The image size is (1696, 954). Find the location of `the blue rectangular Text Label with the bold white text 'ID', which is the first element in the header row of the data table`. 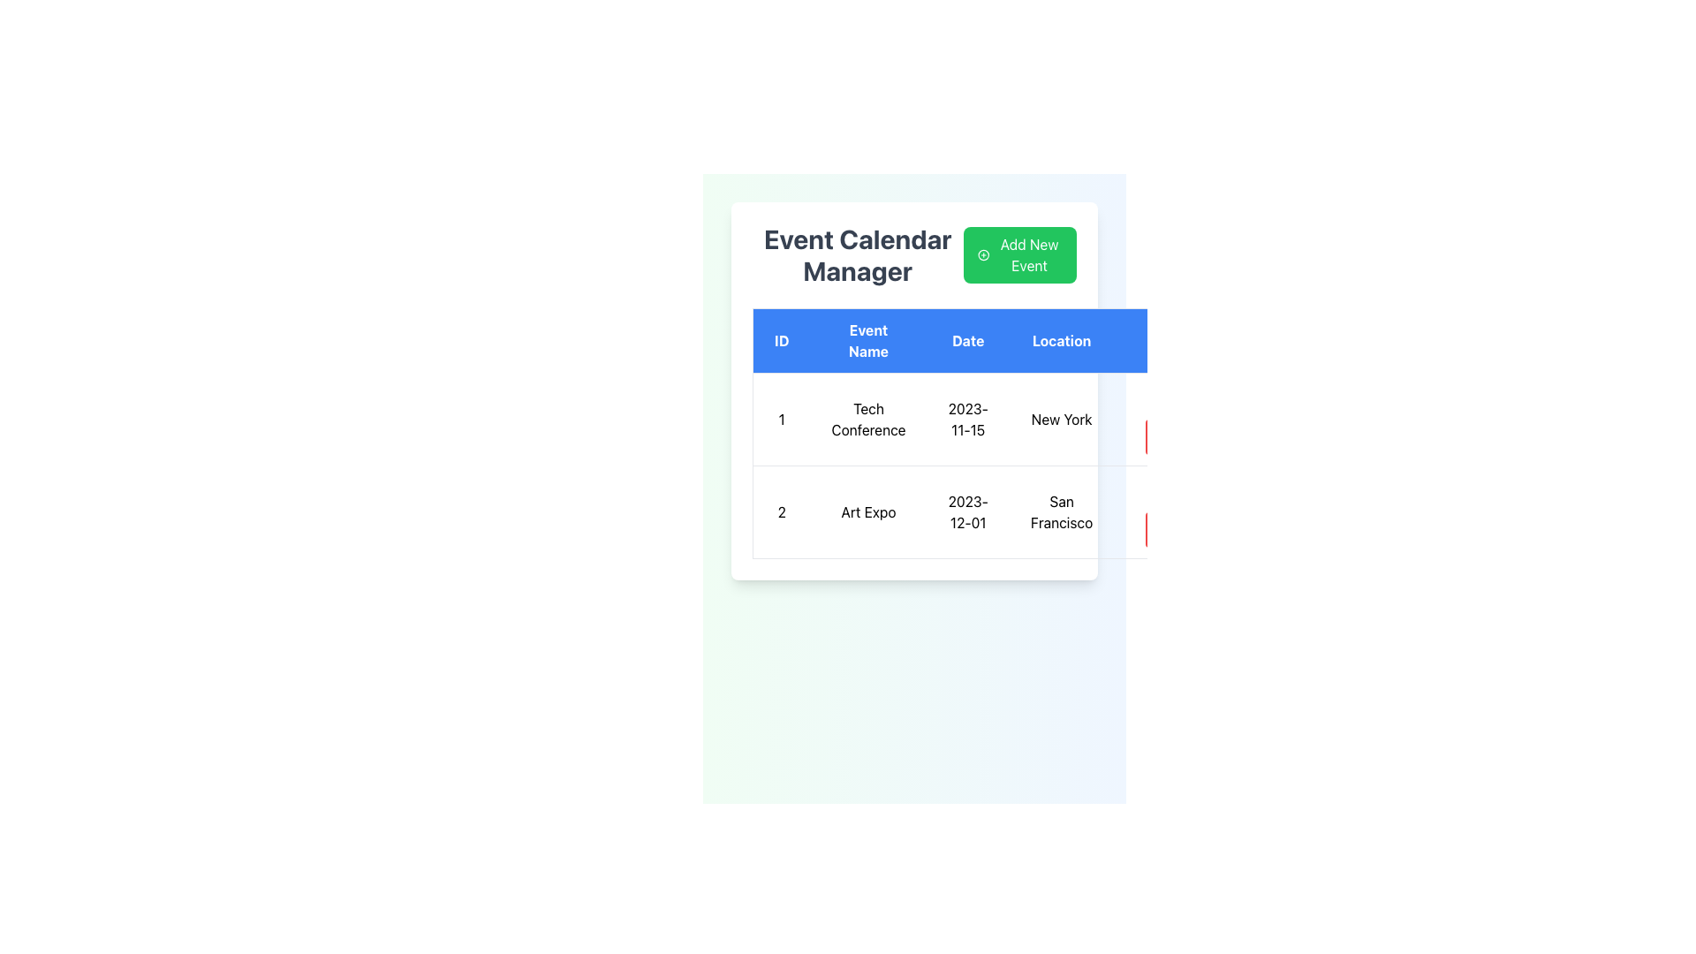

the blue rectangular Text Label with the bold white text 'ID', which is the first element in the header row of the data table is located at coordinates (780, 340).